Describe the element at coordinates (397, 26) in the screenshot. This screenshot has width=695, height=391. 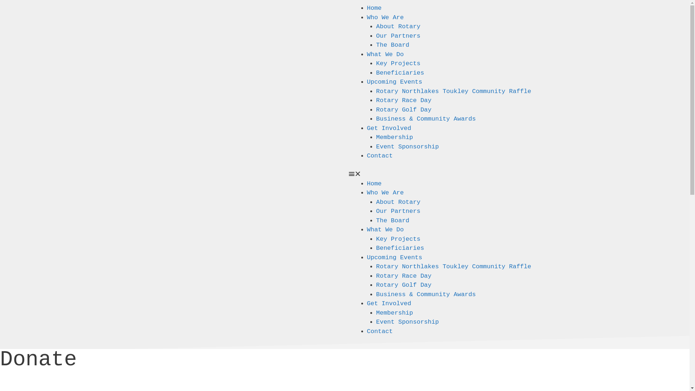
I see `'About Rotary'` at that location.